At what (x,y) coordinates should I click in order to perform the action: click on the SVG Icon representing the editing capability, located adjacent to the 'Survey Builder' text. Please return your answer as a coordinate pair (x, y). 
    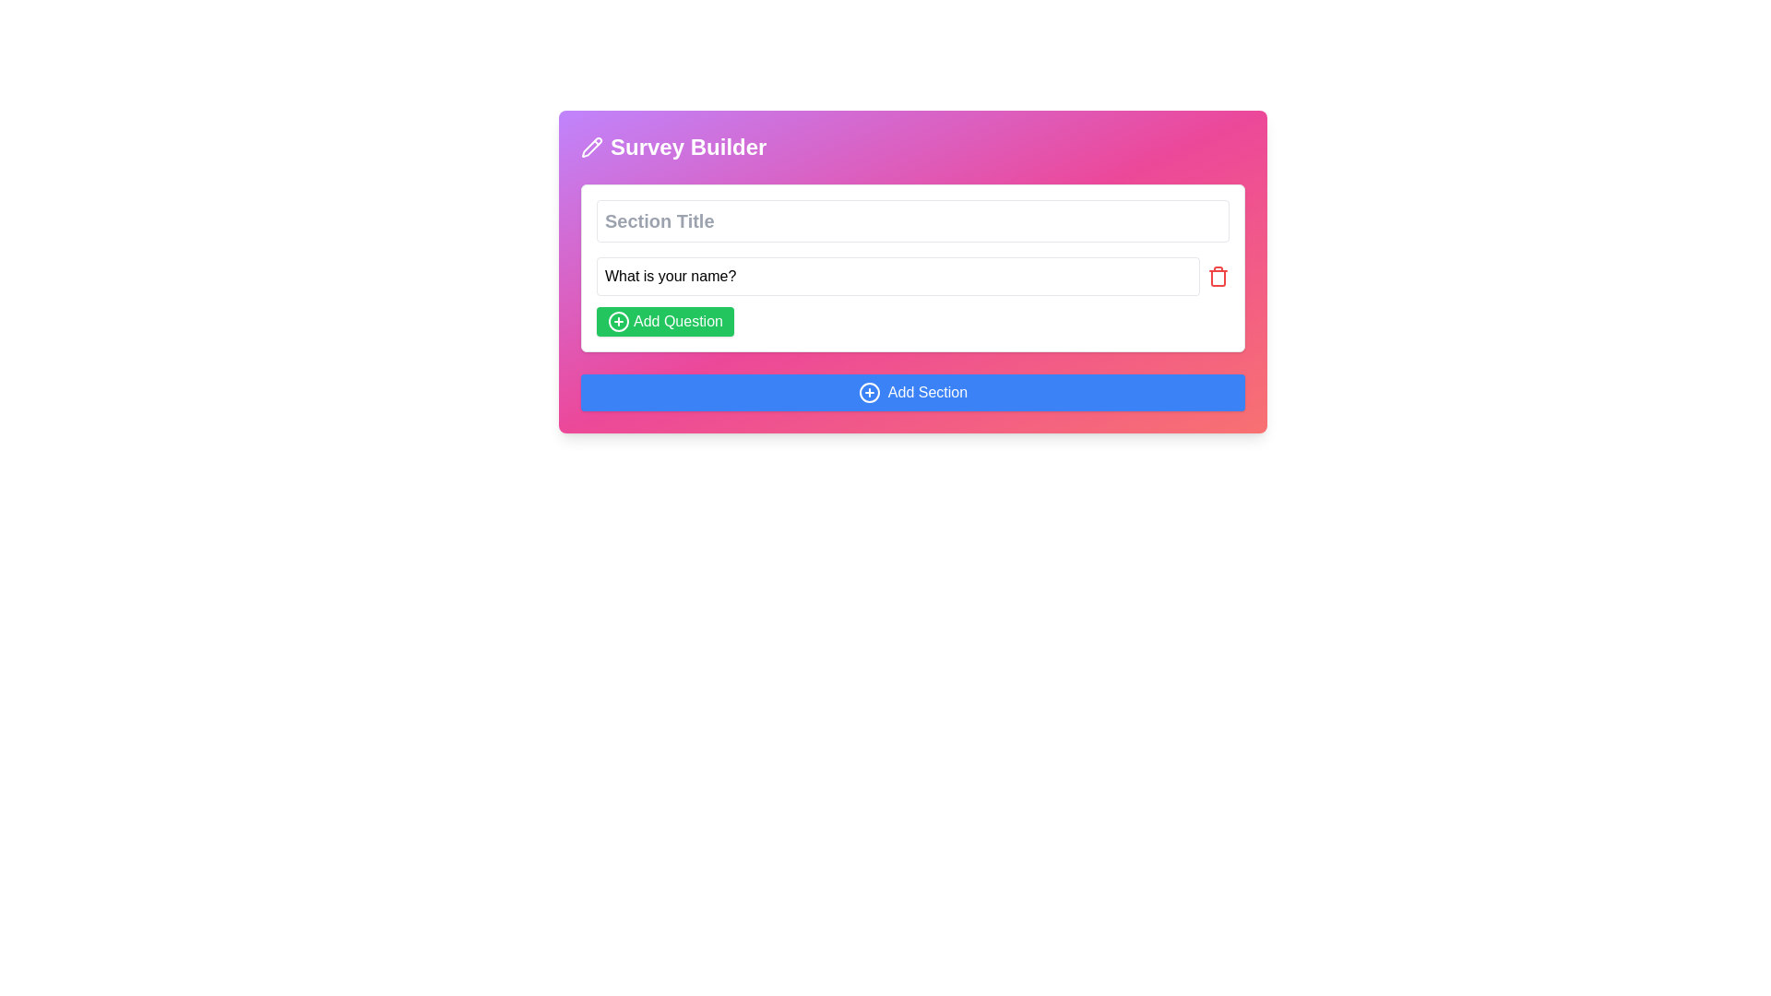
    Looking at the image, I should click on (592, 146).